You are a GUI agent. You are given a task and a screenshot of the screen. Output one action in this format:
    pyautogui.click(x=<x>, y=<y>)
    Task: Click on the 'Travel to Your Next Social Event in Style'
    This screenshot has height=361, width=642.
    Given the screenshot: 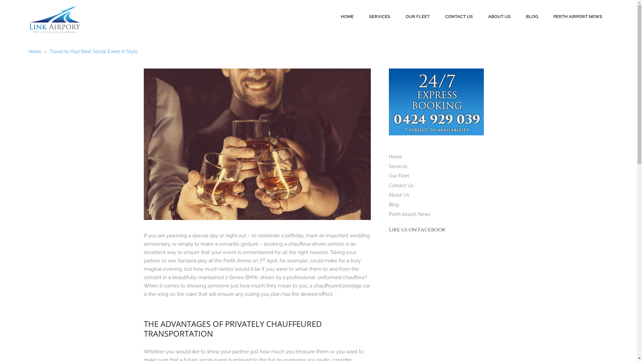 What is the action you would take?
    pyautogui.click(x=93, y=51)
    